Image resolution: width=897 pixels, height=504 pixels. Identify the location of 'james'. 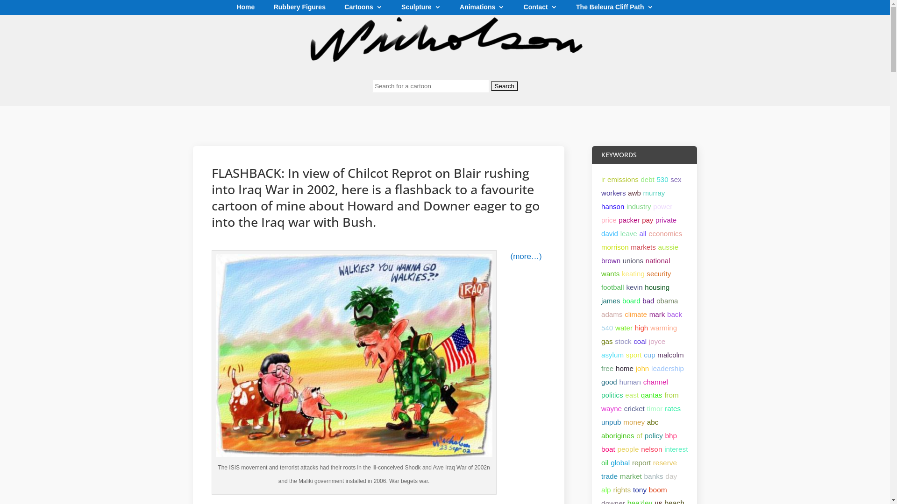
(610, 301).